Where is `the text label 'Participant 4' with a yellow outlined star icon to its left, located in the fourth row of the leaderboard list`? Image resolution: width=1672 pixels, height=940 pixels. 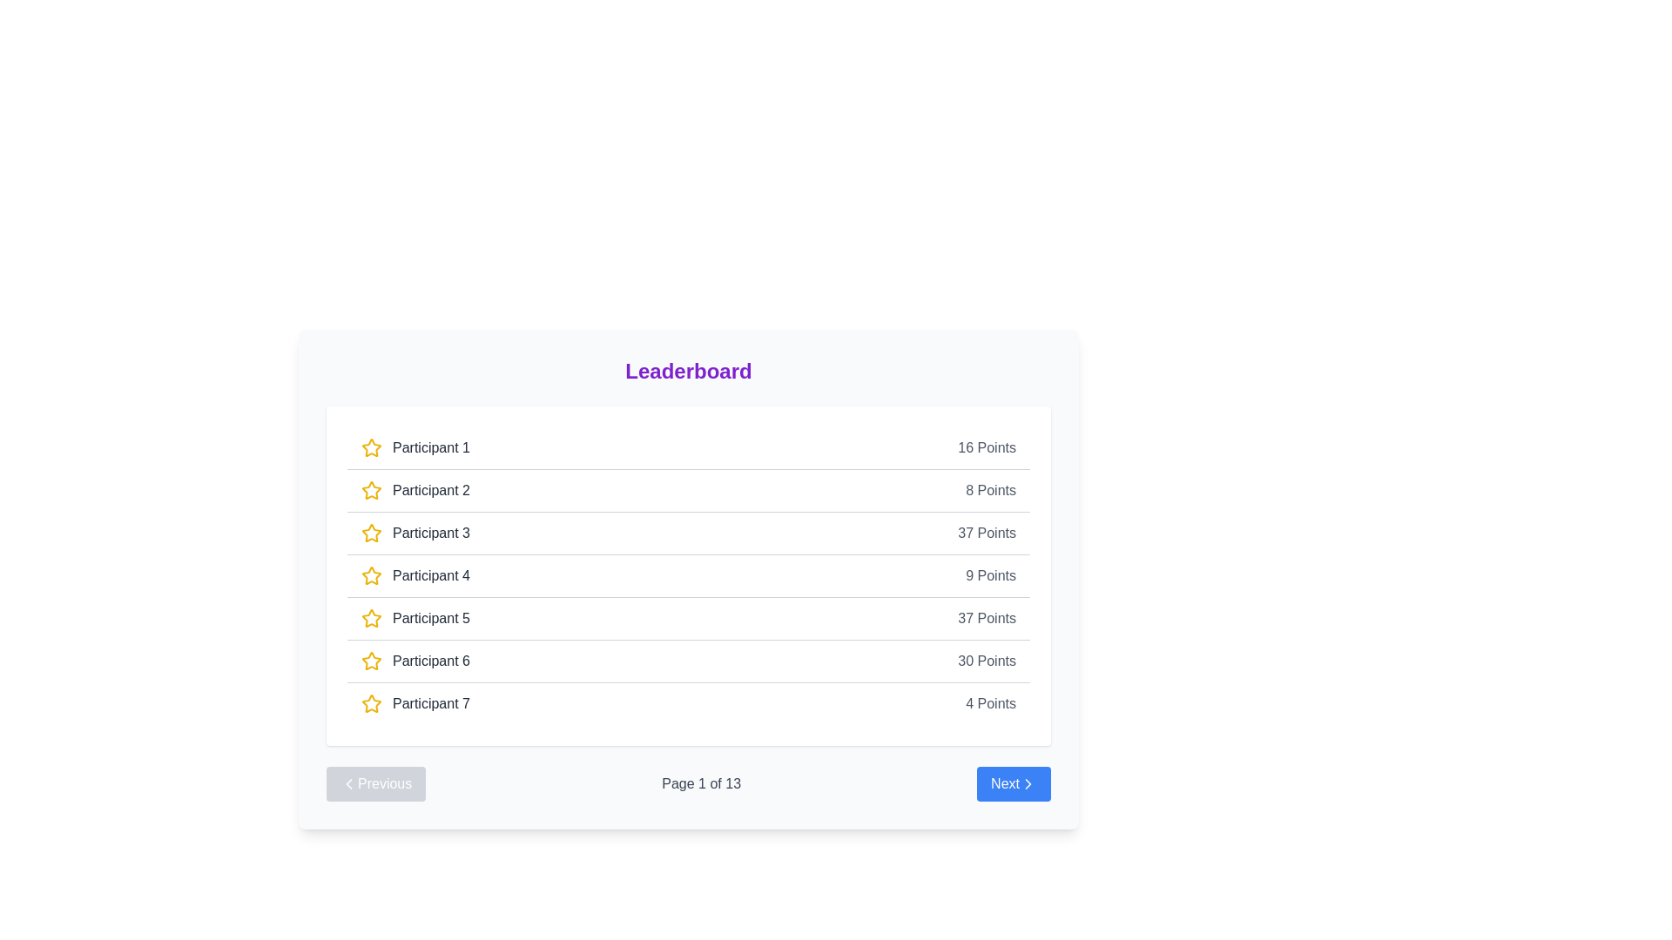
the text label 'Participant 4' with a yellow outlined star icon to its left, located in the fourth row of the leaderboard list is located at coordinates (415, 576).